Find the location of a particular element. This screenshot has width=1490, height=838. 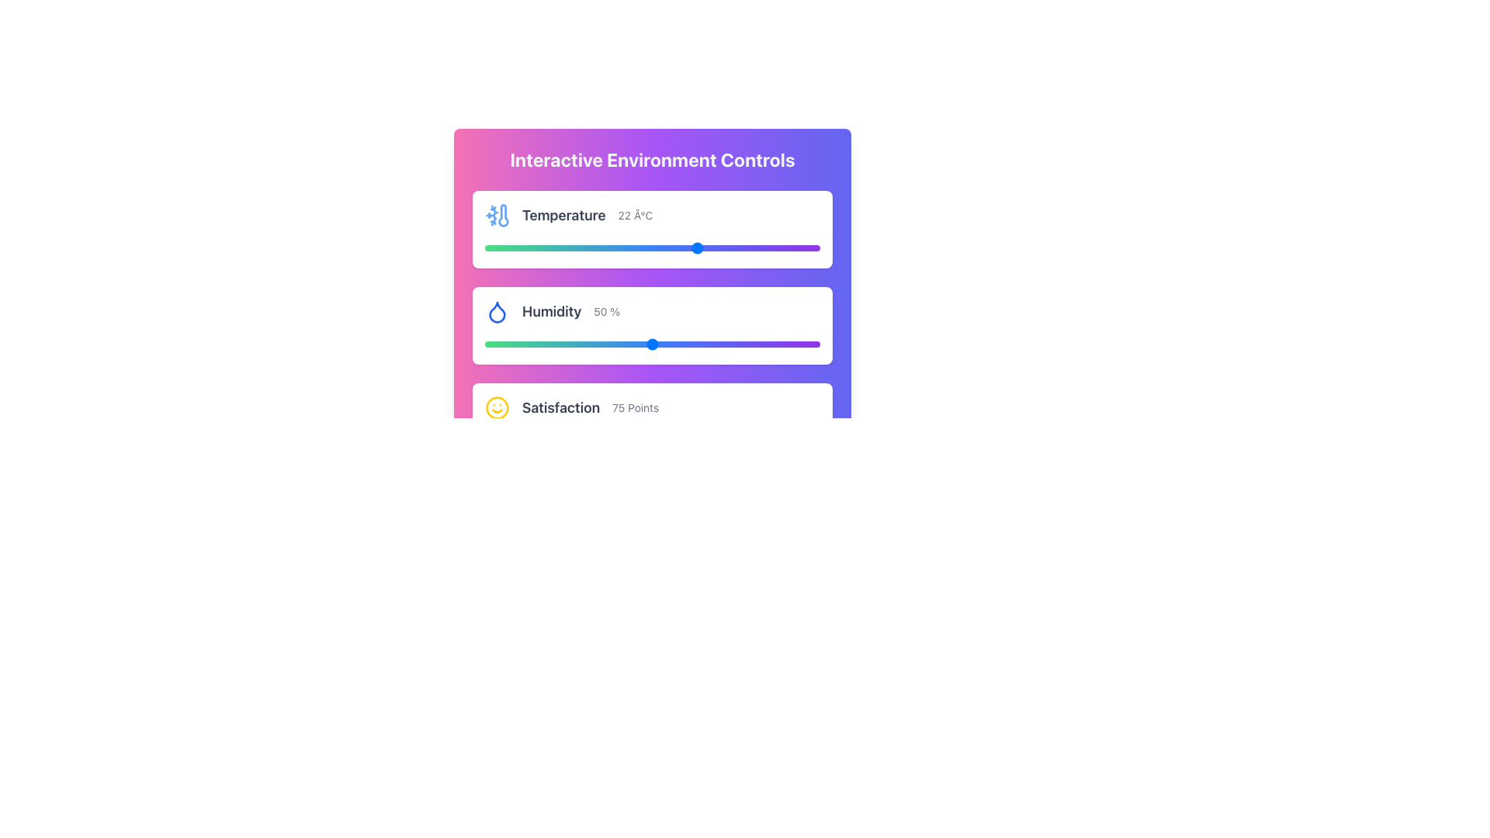

humidity is located at coordinates (608, 343).